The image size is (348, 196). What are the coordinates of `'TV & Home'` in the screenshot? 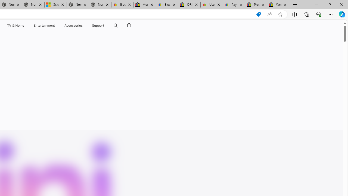 It's located at (15, 25).